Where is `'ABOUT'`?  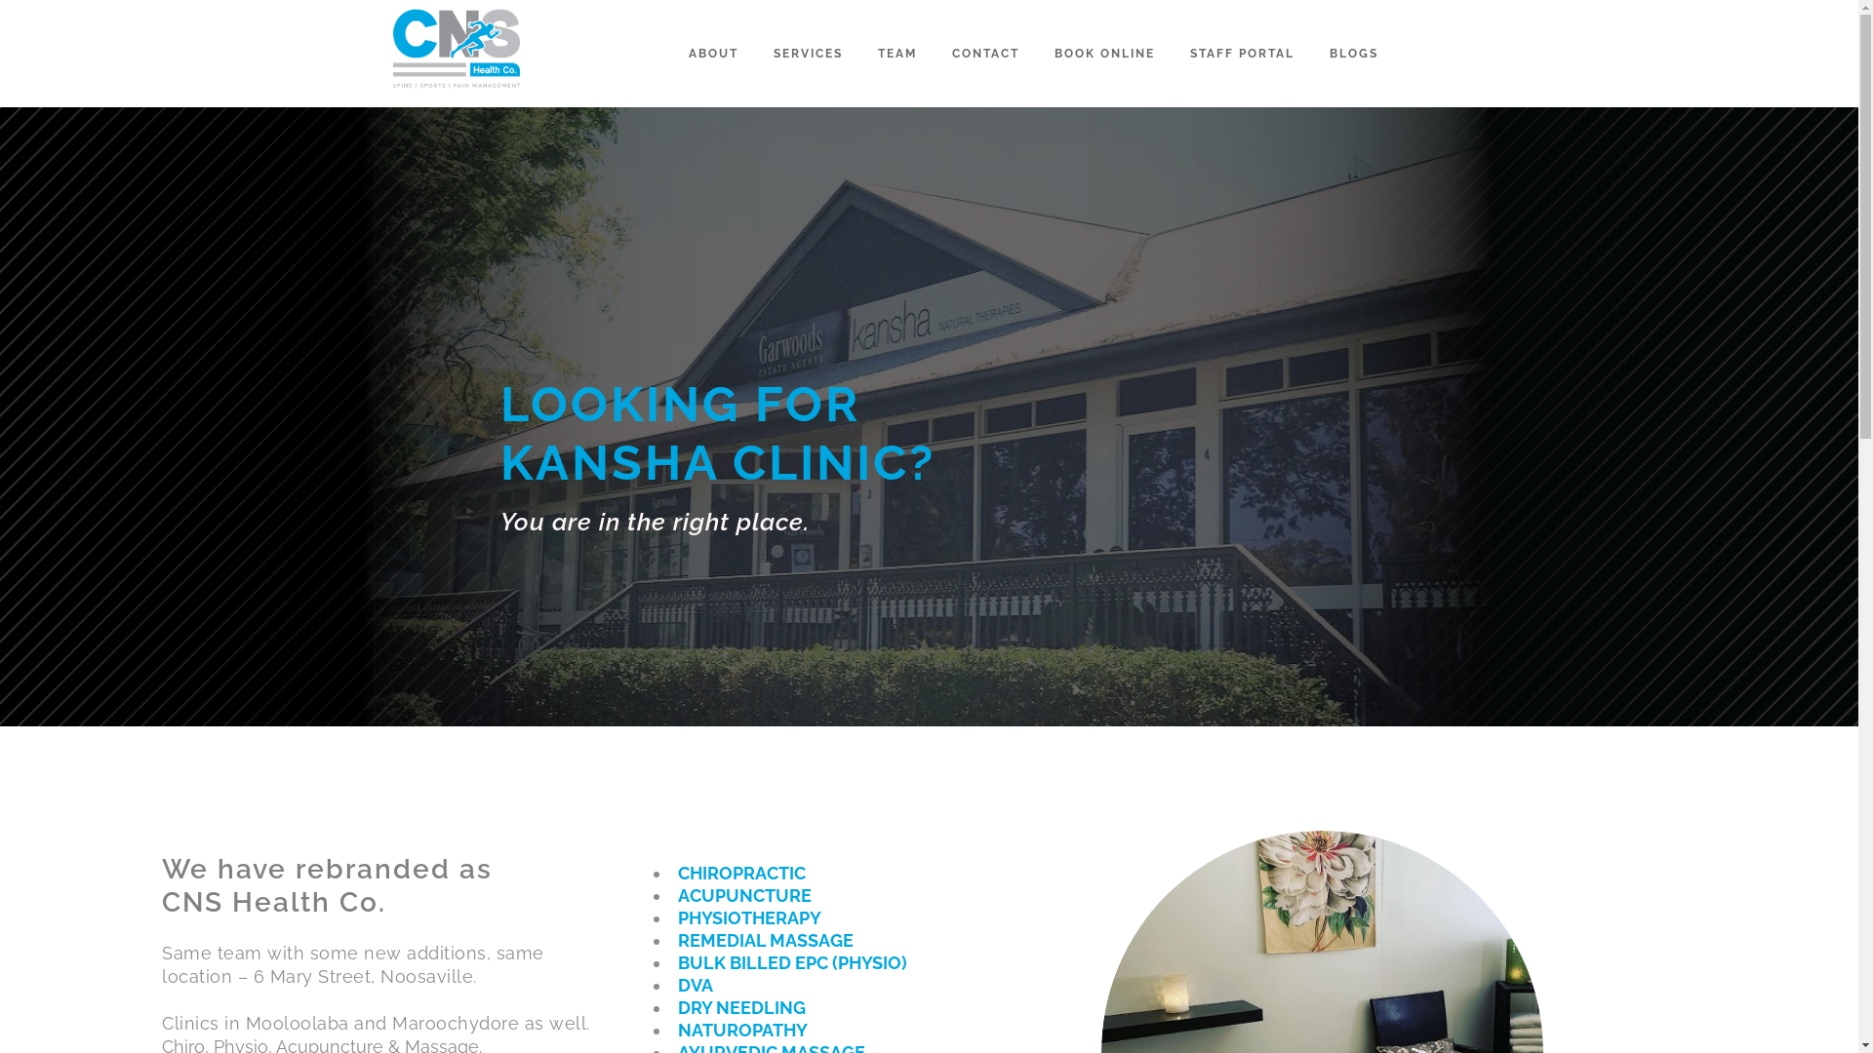
'ABOUT' is located at coordinates (712, 52).